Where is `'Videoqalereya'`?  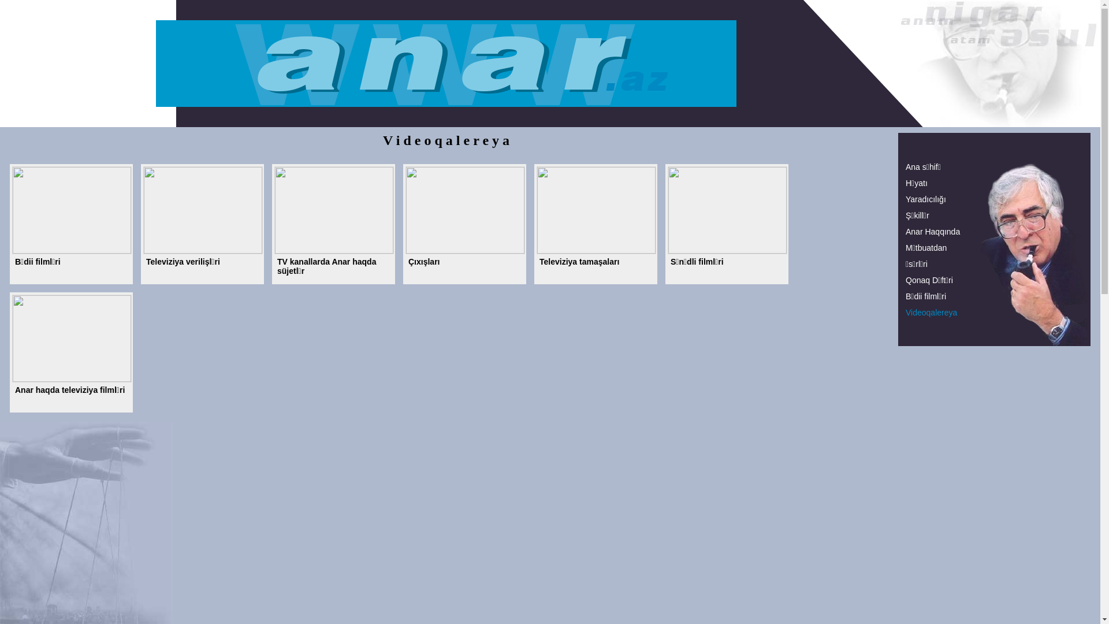
'Videoqalereya' is located at coordinates (931, 312).